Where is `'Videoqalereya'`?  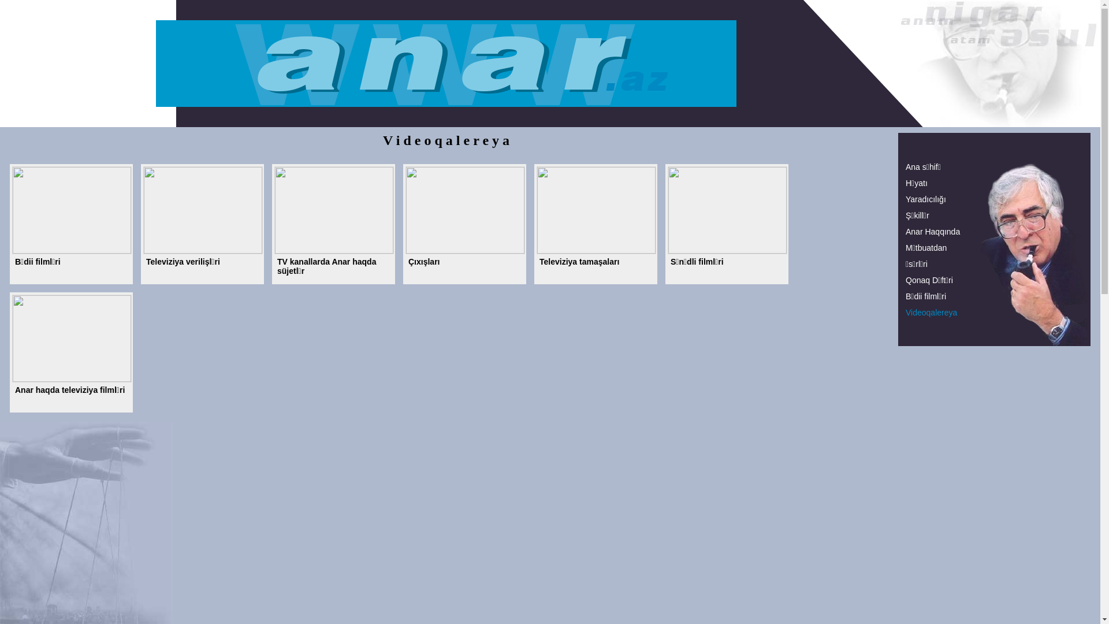
'Videoqalereya' is located at coordinates (931, 312).